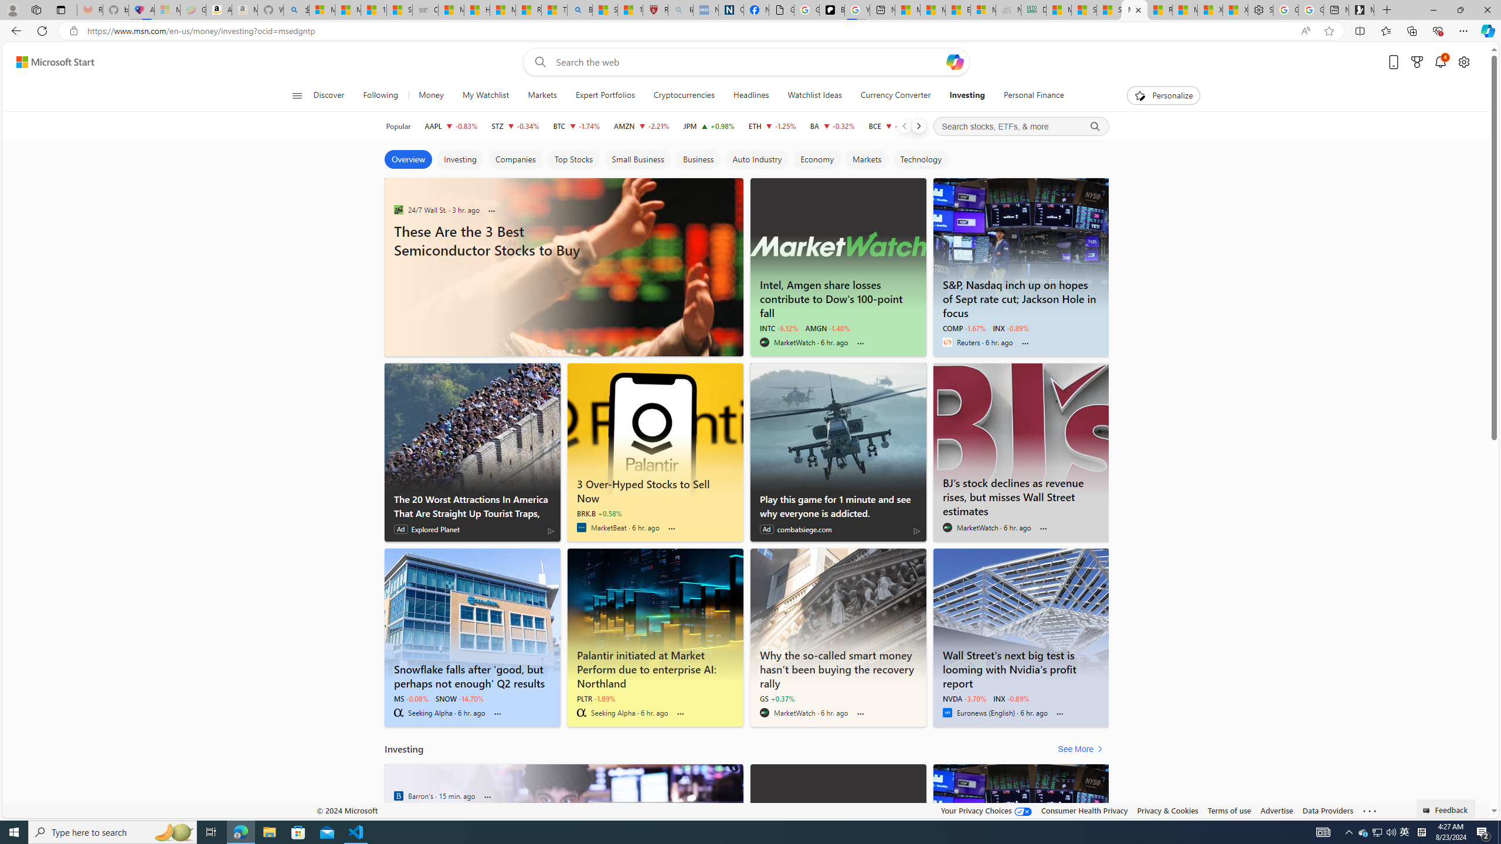 This screenshot has height=844, width=1501. What do you see at coordinates (772, 125) in the screenshot?
I see `'ETH Ethereum decrease 2,611.71 -32.54 -1.25%'` at bounding box center [772, 125].